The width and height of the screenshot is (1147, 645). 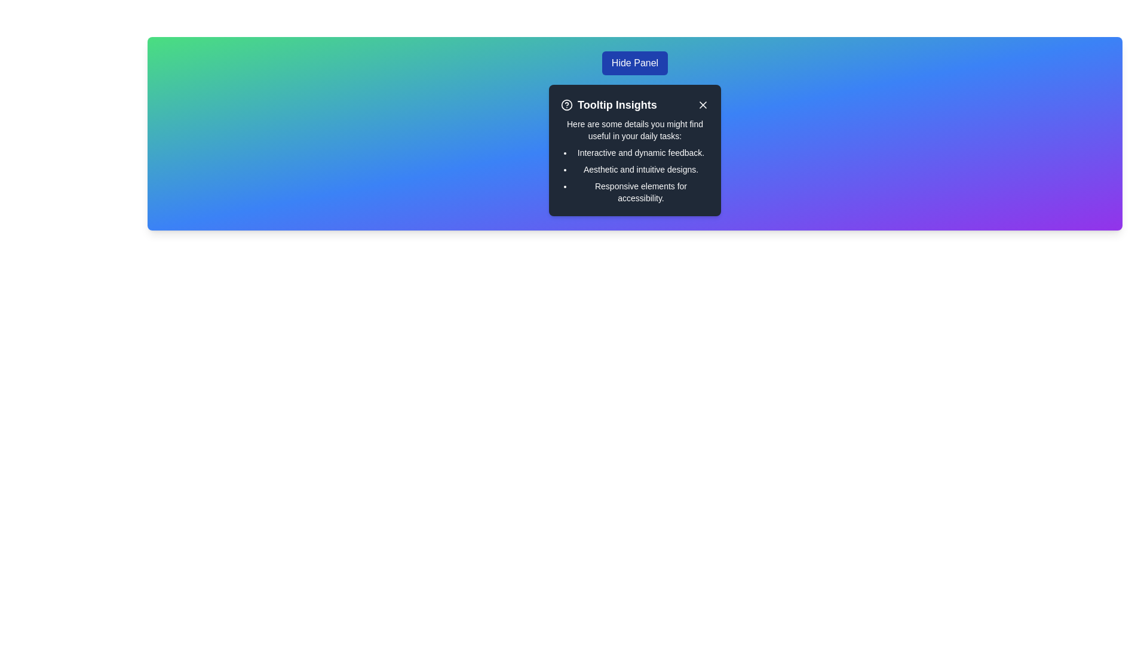 I want to click on the text element styled in a small-sized white font that reads 'Responsive elements for accessibility.' which is the third bullet point in a tooltip panel, so click(x=640, y=191).